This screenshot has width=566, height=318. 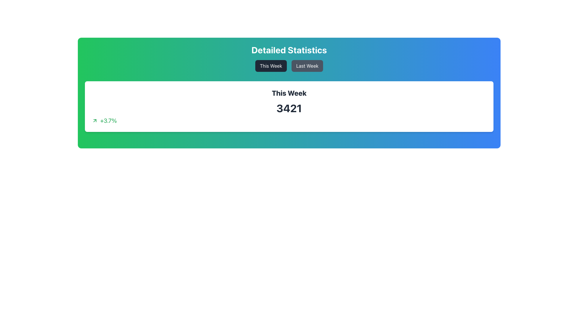 I want to click on the SVG icon styled as an upward-right pointing arrow, which is located to the left of the green text '+3.7%' in the top-left corner of the statistics section, so click(x=95, y=120).